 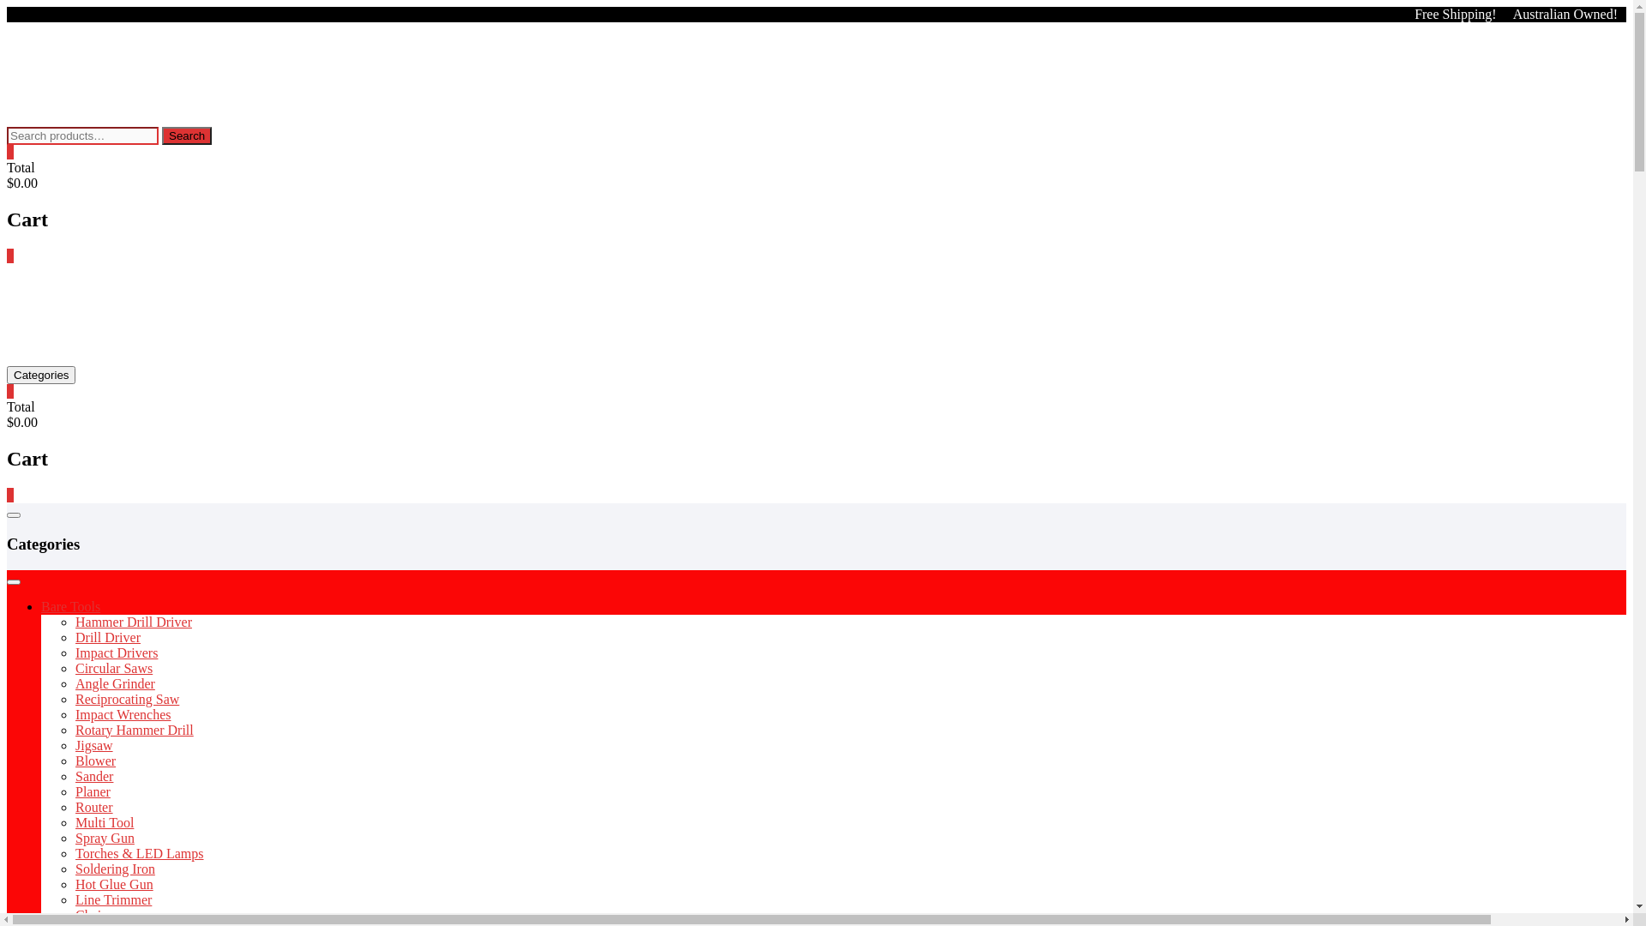 I want to click on 'Torches & LED Lamps', so click(x=140, y=853).